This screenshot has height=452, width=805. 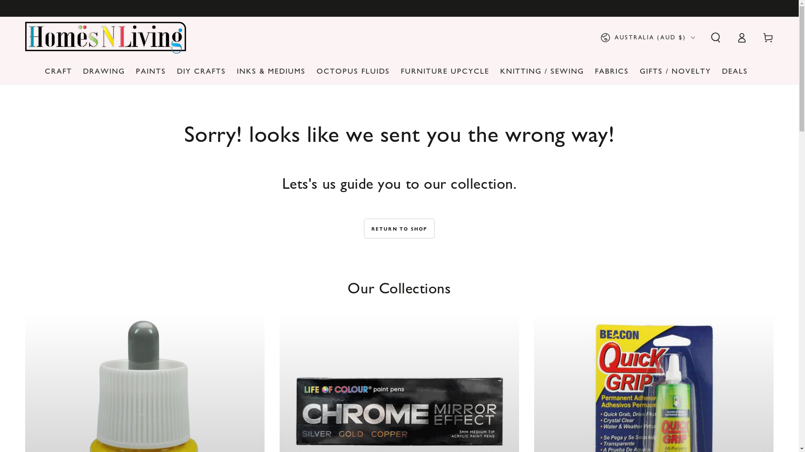 I want to click on 'INKS & MEDIUMS', so click(x=235, y=71).